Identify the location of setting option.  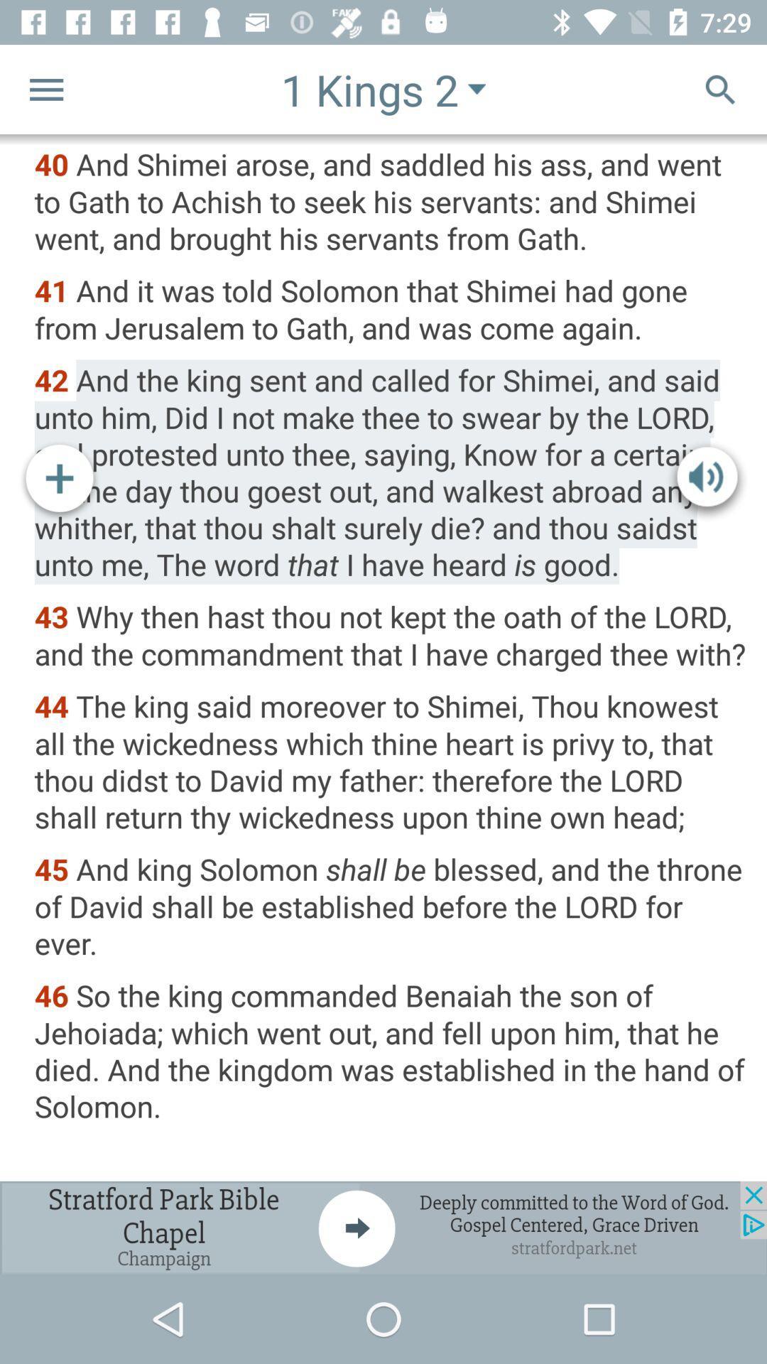
(45, 88).